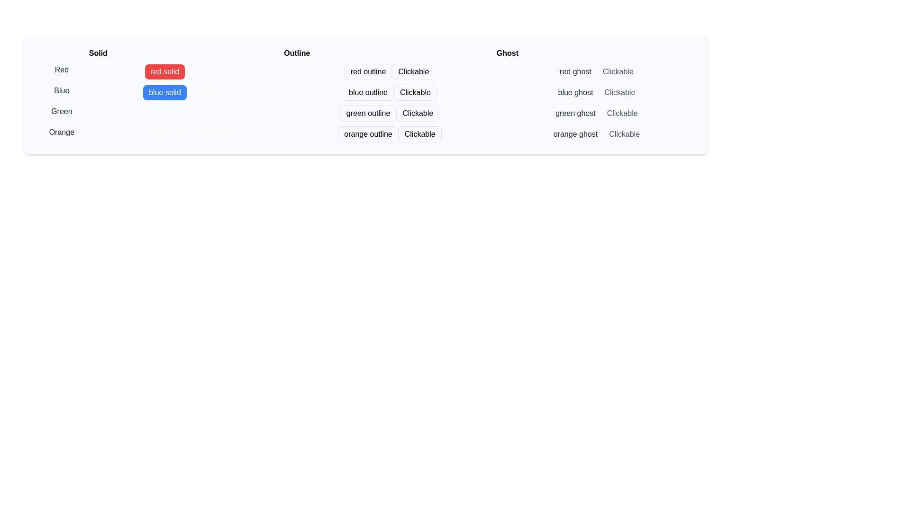  I want to click on text label indicating the green color option for the 'Solid' category, which is the third item in the 'Solid' column, located towards the left side of the interface, so click(61, 111).